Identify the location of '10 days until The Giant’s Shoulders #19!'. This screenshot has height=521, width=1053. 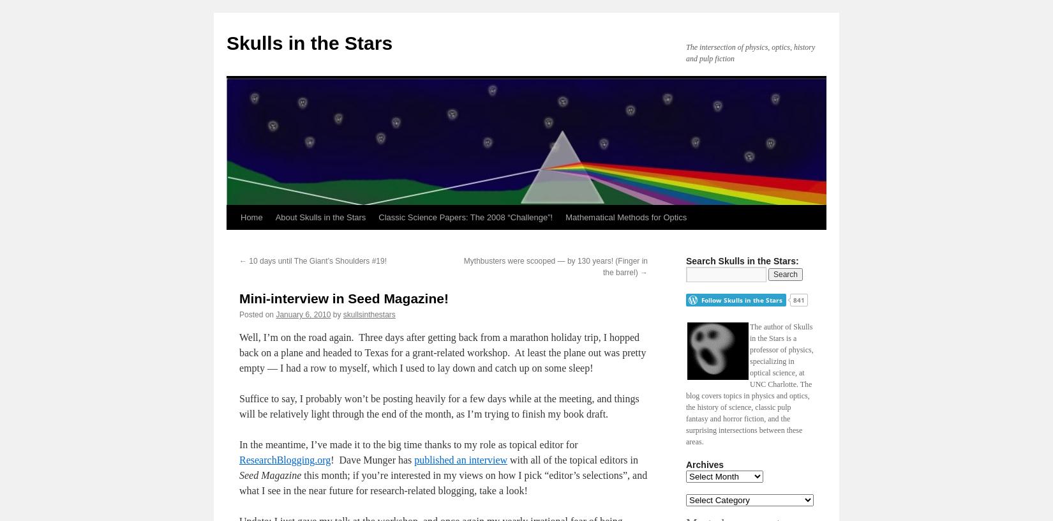
(316, 260).